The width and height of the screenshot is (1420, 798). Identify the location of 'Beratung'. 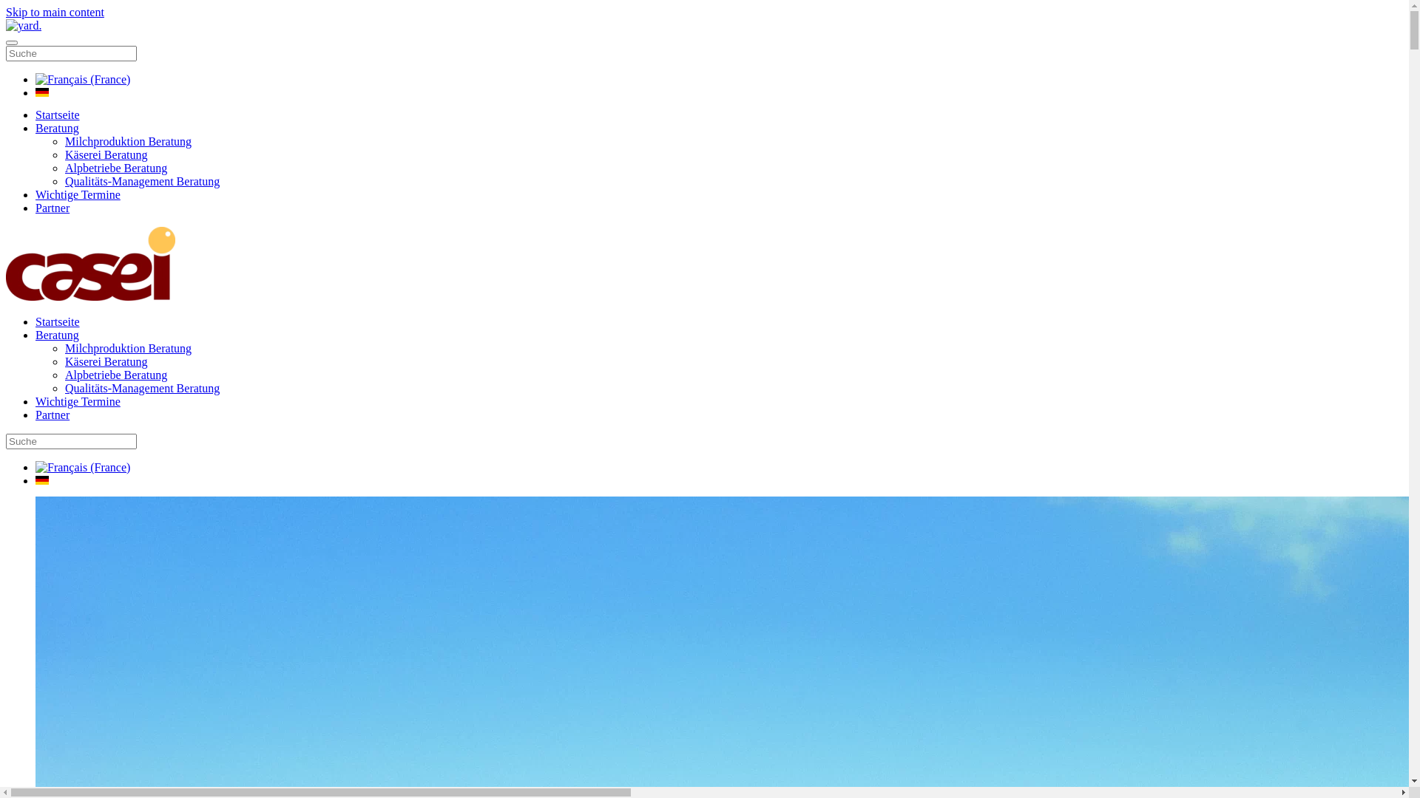
(57, 335).